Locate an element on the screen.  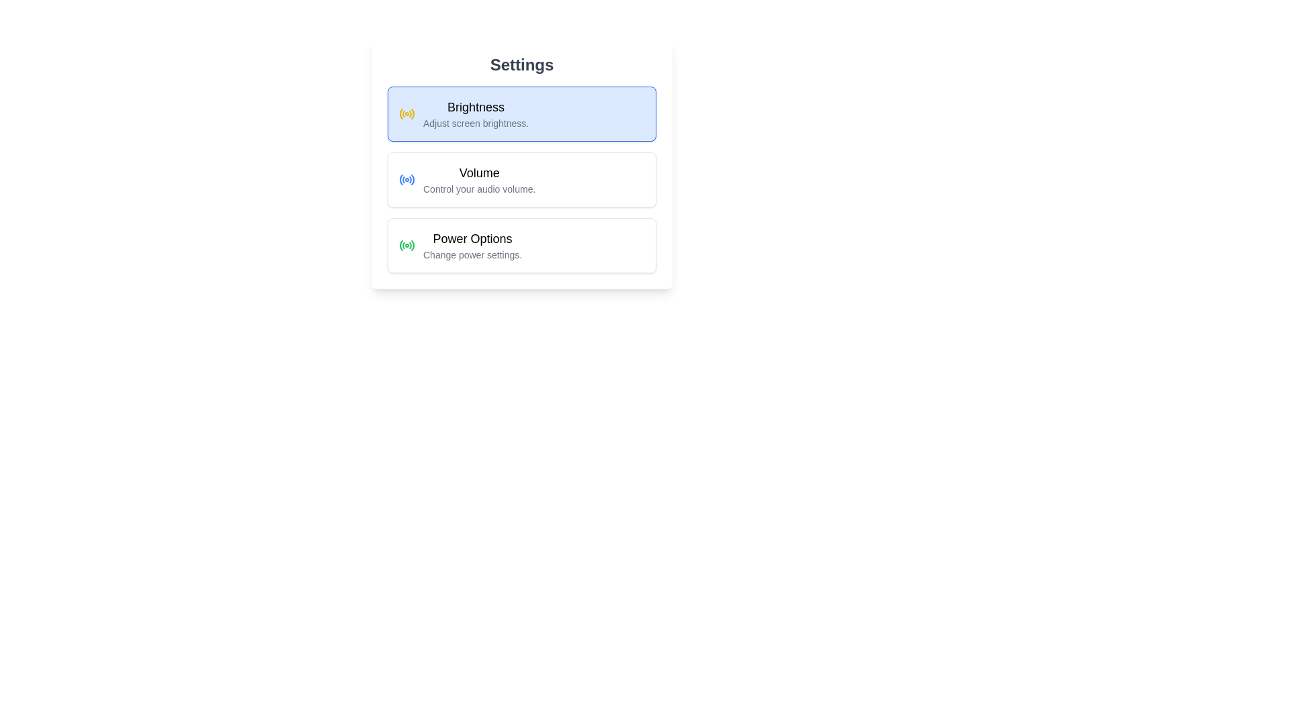
the 'Power Options' icon located to the left of its text description in the settings options list is located at coordinates (406, 246).